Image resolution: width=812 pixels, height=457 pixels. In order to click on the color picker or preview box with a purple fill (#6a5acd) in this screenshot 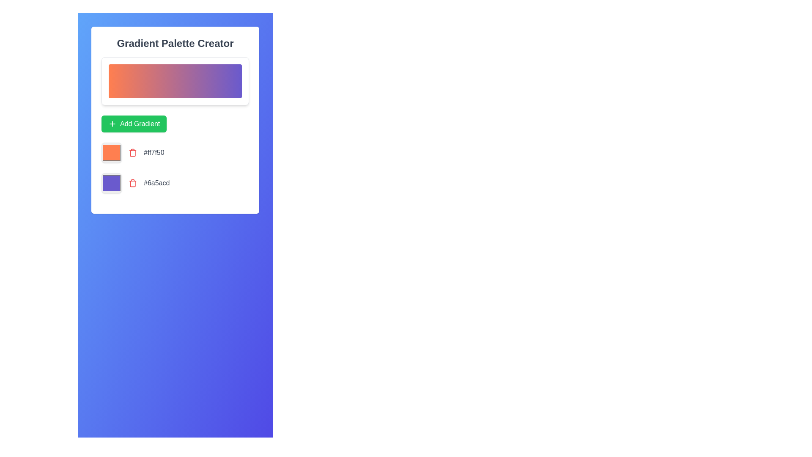, I will do `click(111, 182)`.